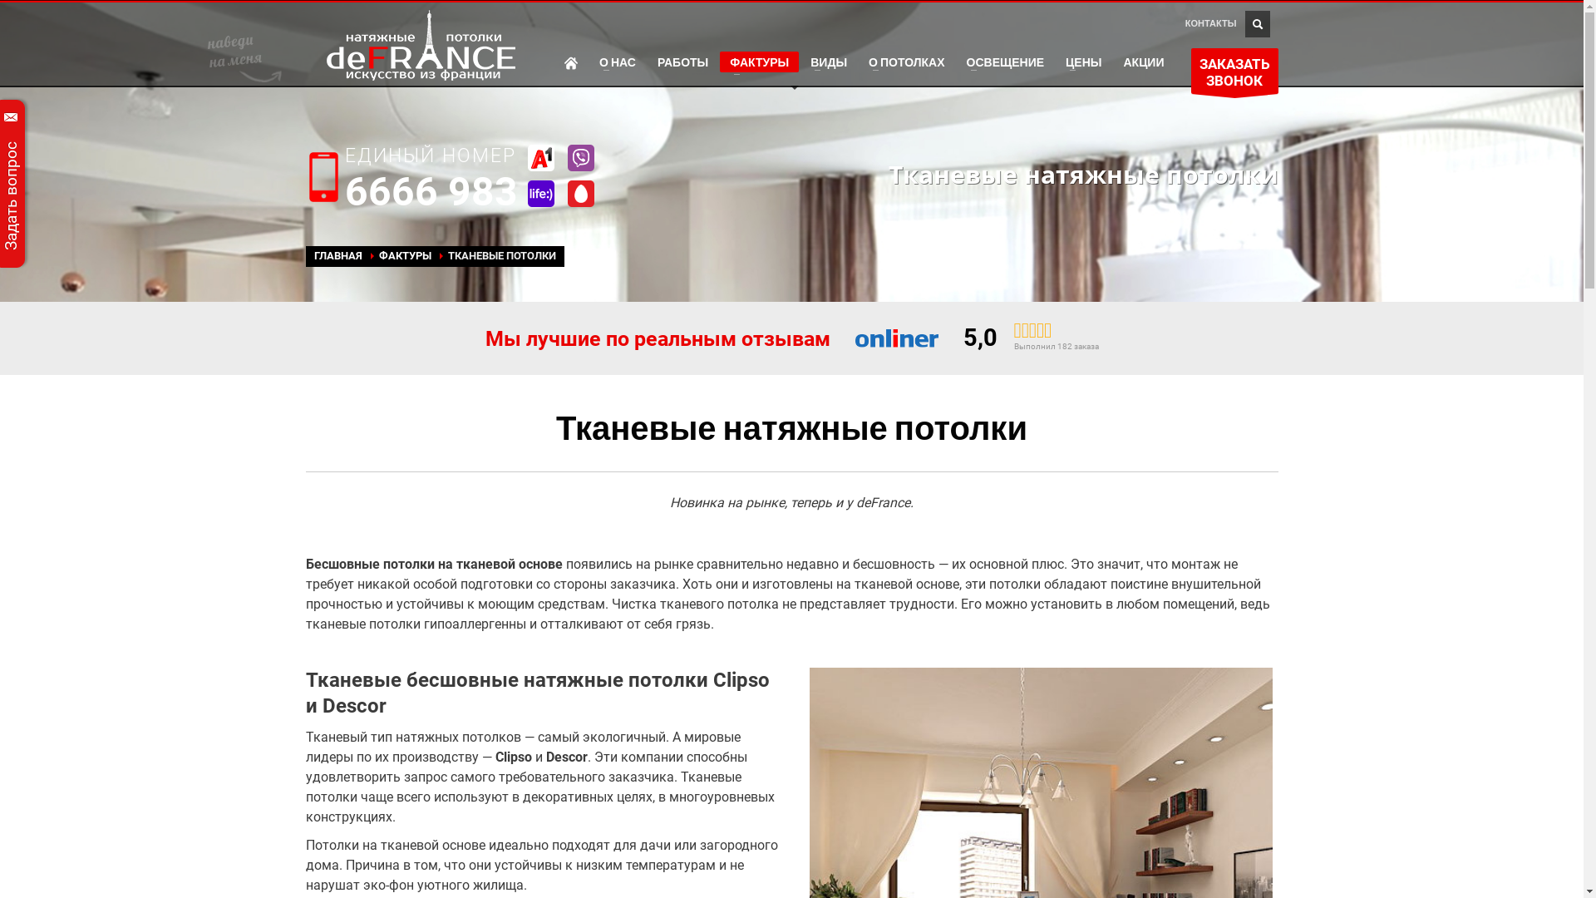 This screenshot has width=1596, height=898. What do you see at coordinates (979, 337) in the screenshot?
I see `'5,0'` at bounding box center [979, 337].